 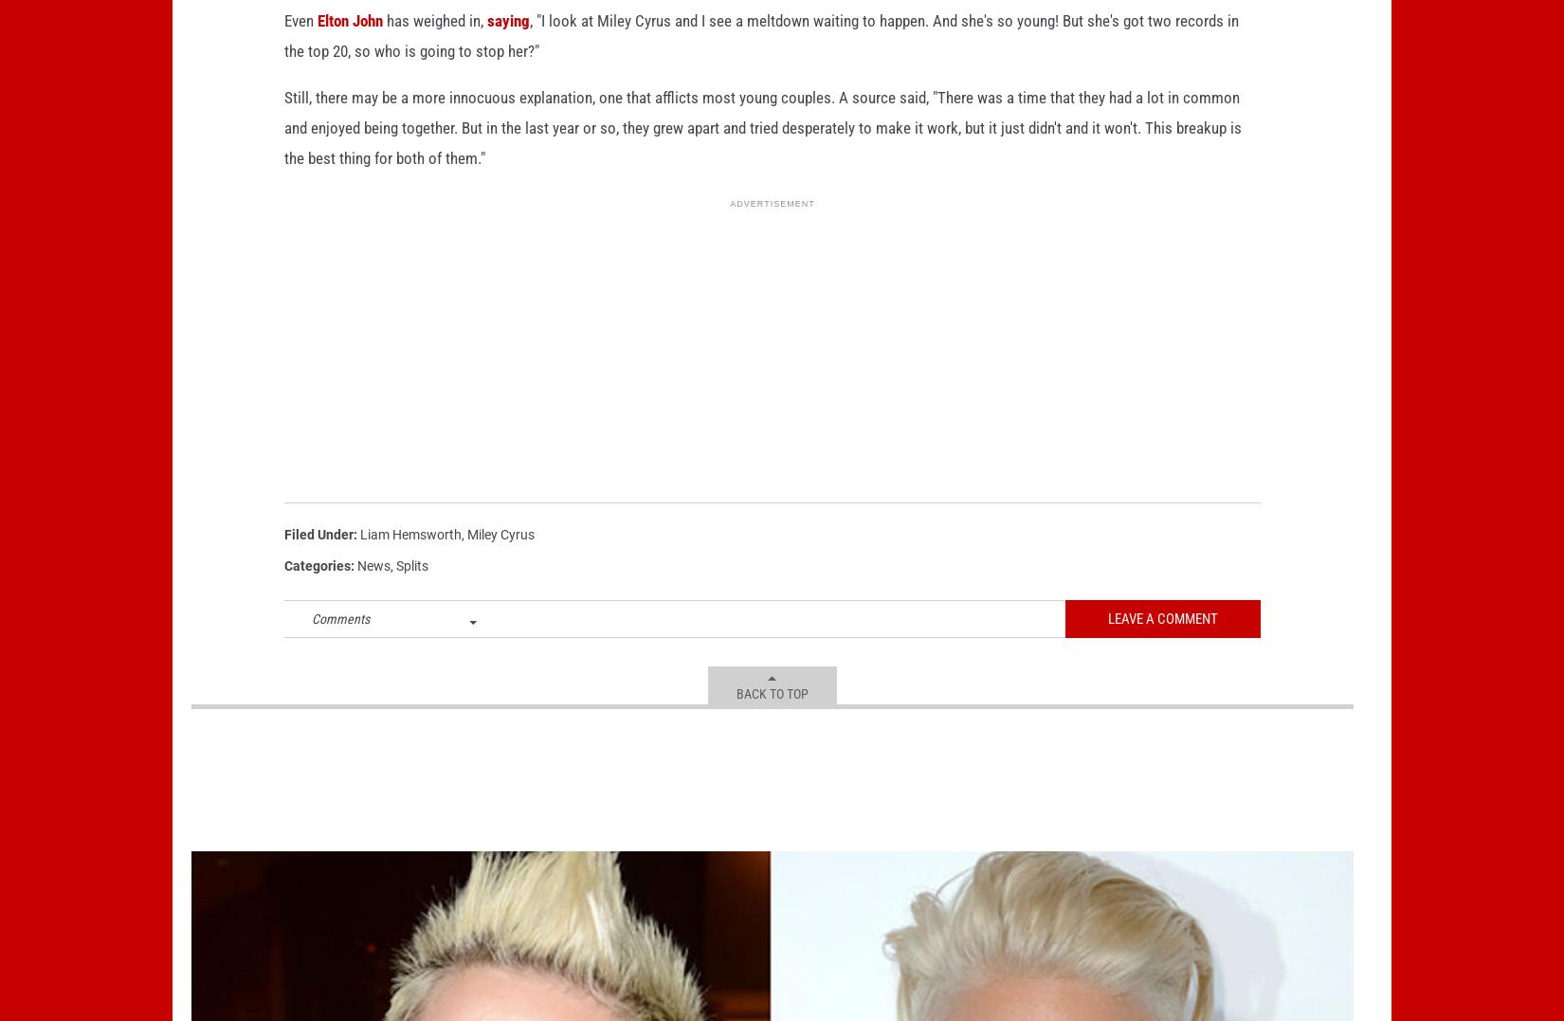 I want to click on 'Even', so click(x=283, y=50).